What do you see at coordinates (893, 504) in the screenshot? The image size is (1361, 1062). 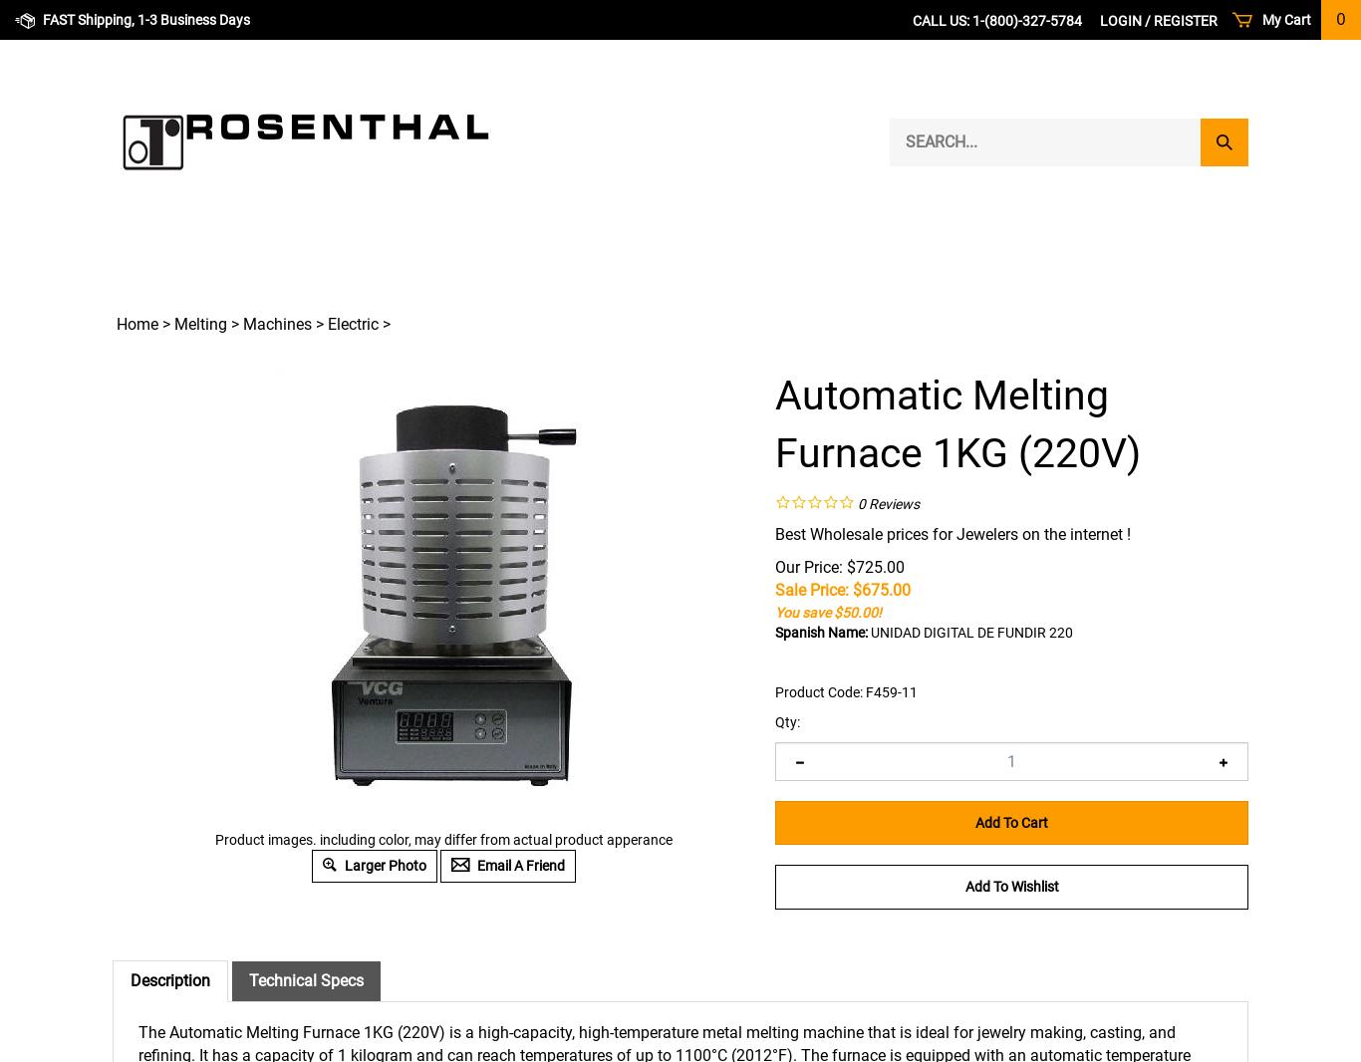 I see `'Reviews'` at bounding box center [893, 504].